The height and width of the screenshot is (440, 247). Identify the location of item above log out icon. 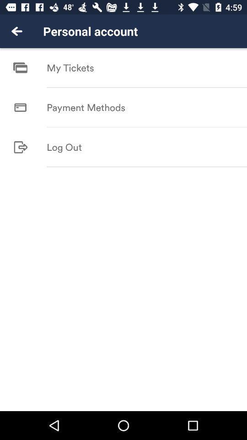
(147, 126).